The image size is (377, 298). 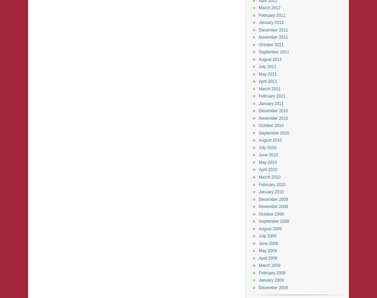 What do you see at coordinates (273, 199) in the screenshot?
I see `'December 2009'` at bounding box center [273, 199].